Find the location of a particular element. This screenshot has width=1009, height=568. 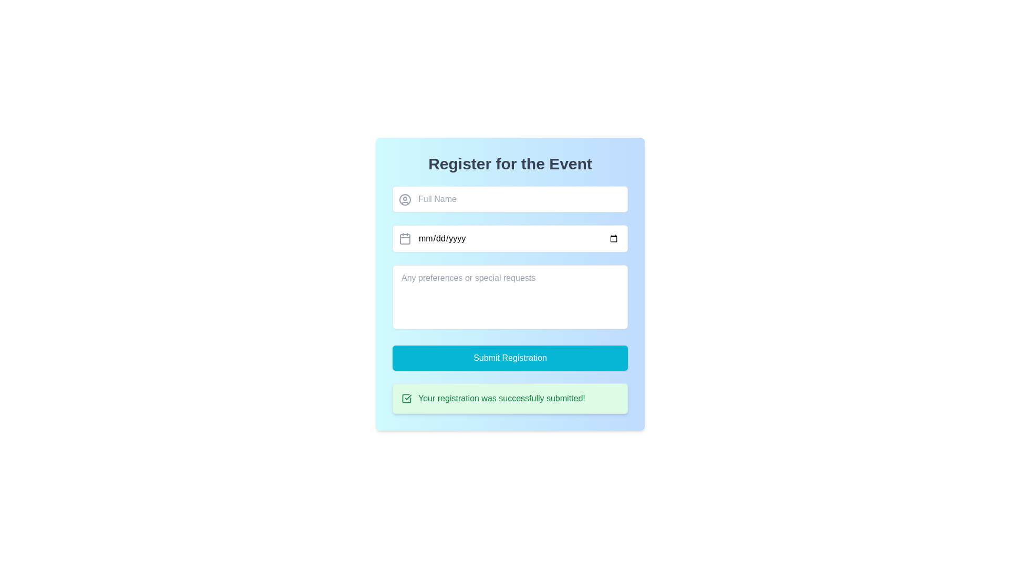

text content of the Alert box that displays 'Your registration was successfully submitted!' which is a light green rectangular box with rounded corners located below the 'Submit Registration' button is located at coordinates (510, 399).